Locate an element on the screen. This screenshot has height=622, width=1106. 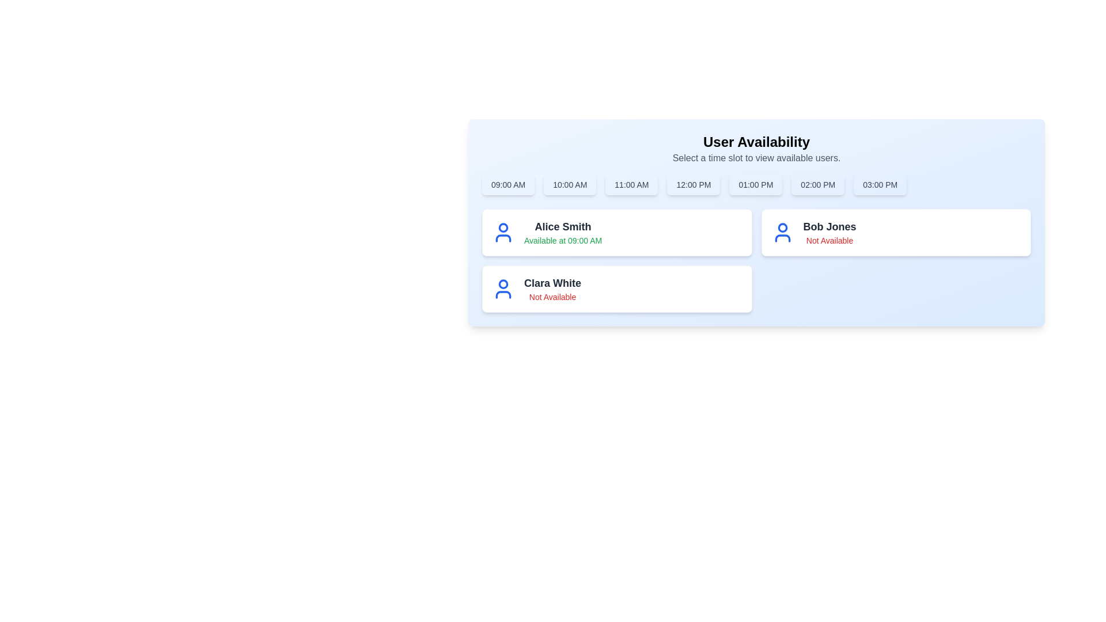
the circular user profile icon with blue outlines and a white background located at the top-left corner of the card titled 'Alice Smith' is located at coordinates (503, 233).